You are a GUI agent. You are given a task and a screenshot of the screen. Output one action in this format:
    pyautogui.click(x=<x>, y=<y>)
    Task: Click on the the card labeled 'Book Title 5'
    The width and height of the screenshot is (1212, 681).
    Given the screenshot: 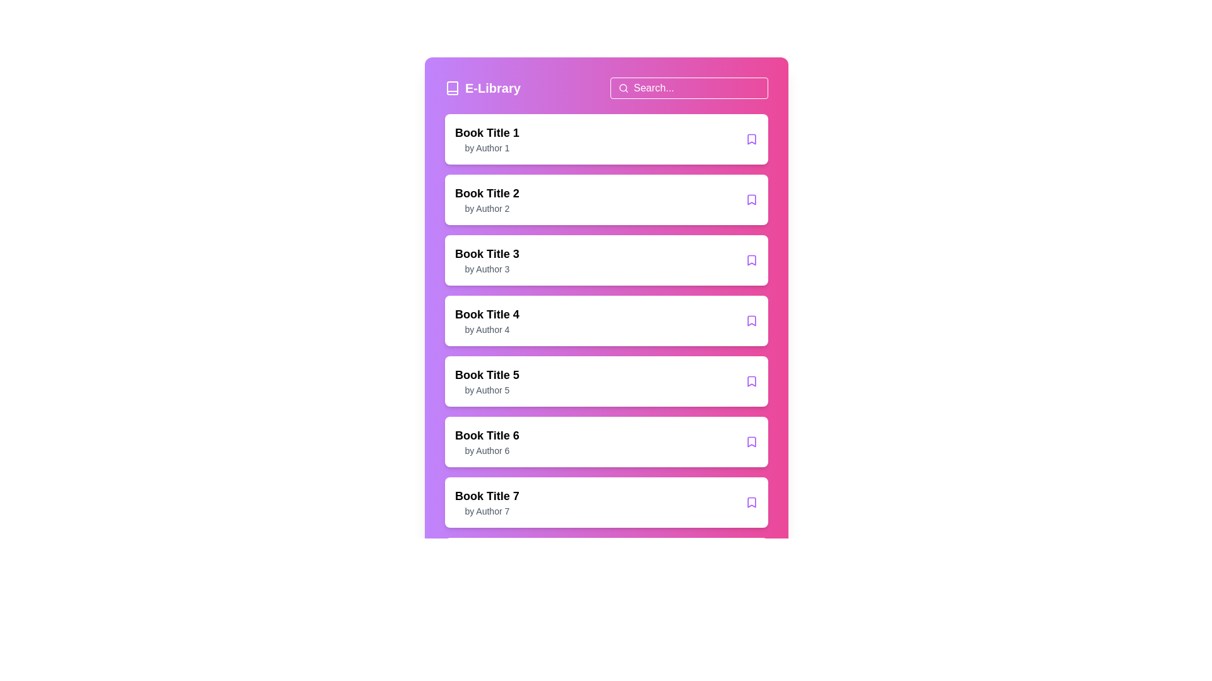 What is the action you would take?
    pyautogui.click(x=606, y=381)
    